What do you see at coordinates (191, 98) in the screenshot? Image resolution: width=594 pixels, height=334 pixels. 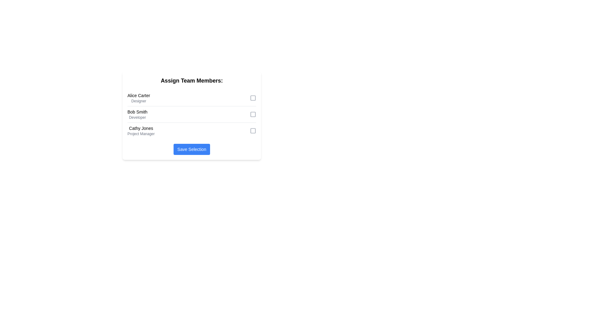 I see `the first selectable team member entry in the list, which includes a checkbox indicating selection status, located in the center of the interface` at bounding box center [191, 98].